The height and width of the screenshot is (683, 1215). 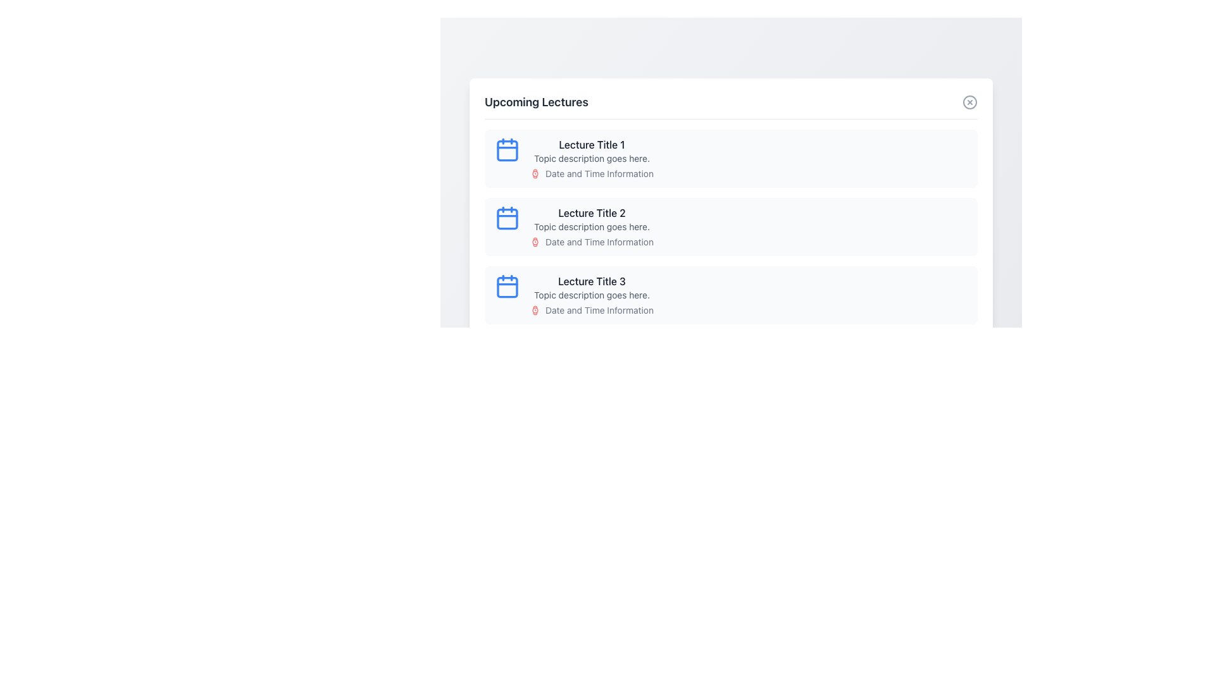 What do you see at coordinates (507, 286) in the screenshot?
I see `the calendar icon with a blue square outline and rounded corners, located at the leftmost section of 'Lecture Title 3' in 'Upcoming Lectures'` at bounding box center [507, 286].